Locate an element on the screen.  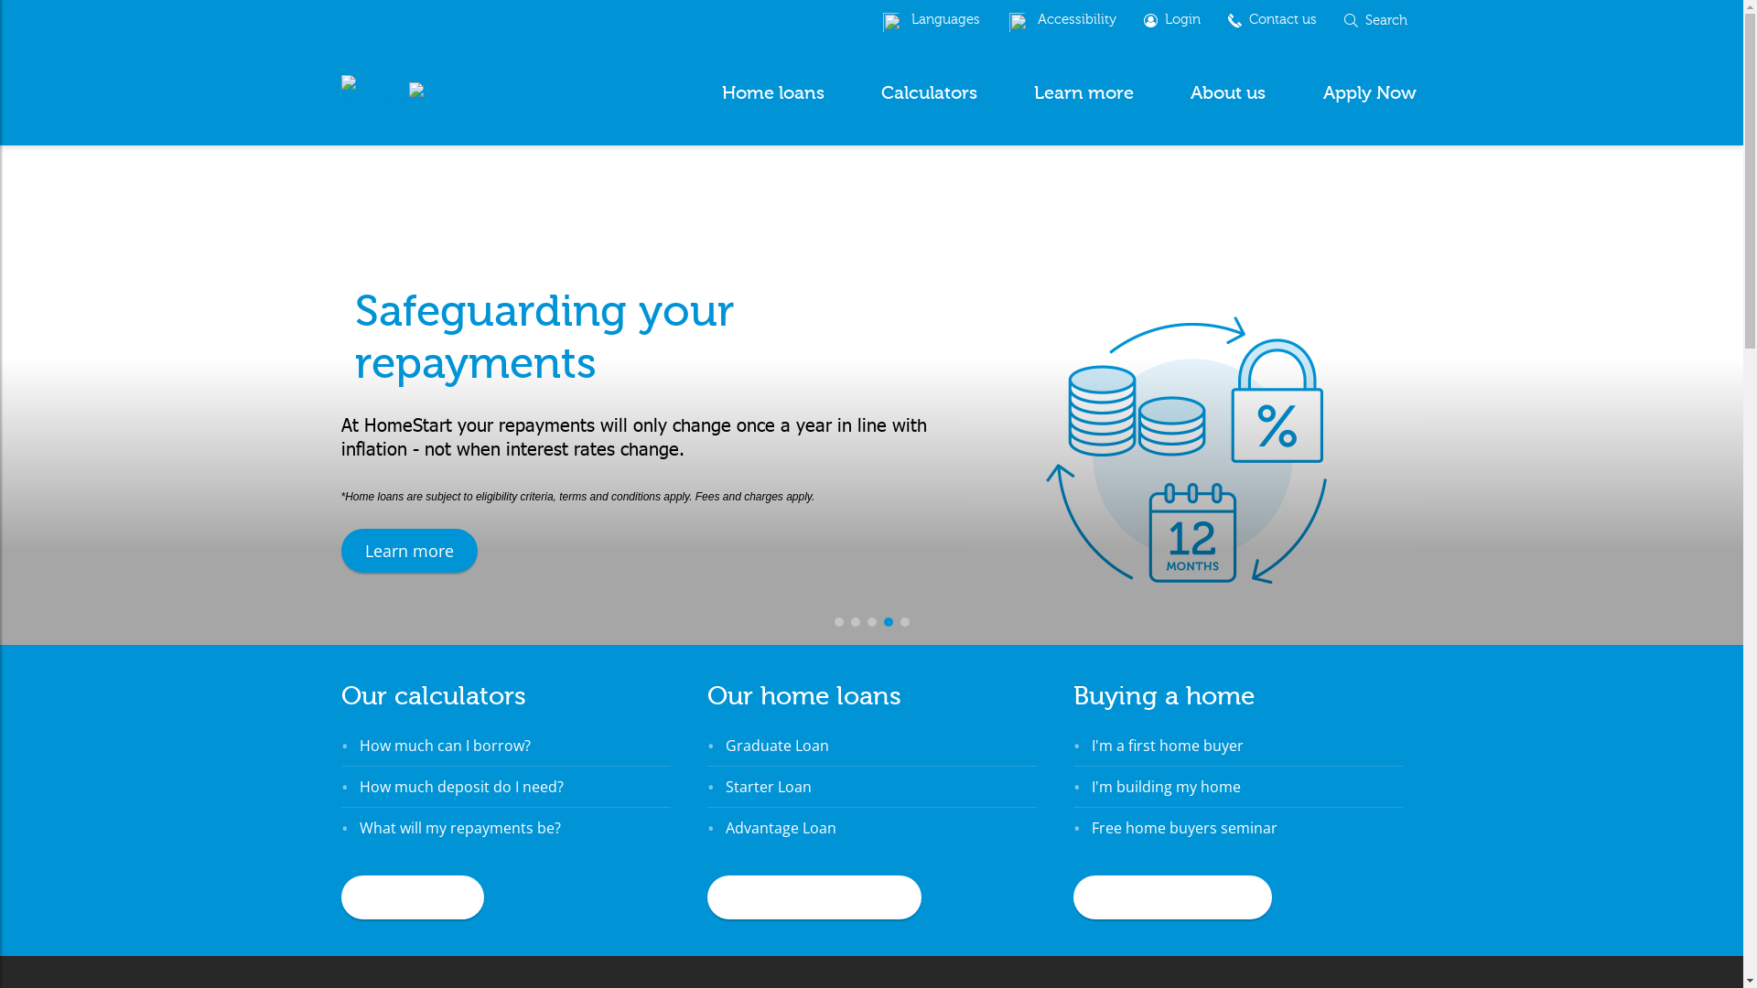
'Accessibility' is located at coordinates (1062, 20).